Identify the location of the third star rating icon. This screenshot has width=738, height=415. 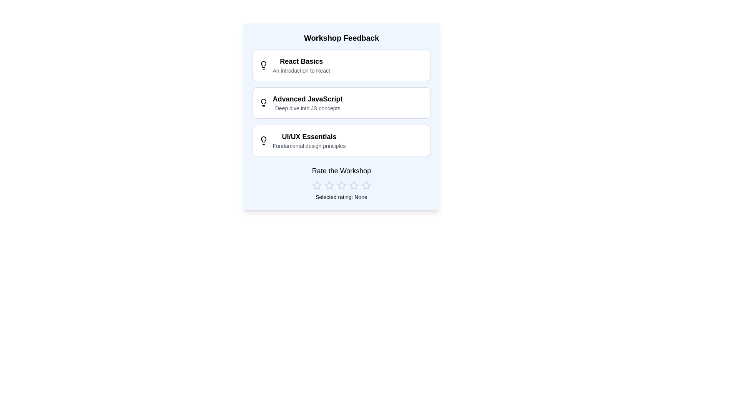
(353, 185).